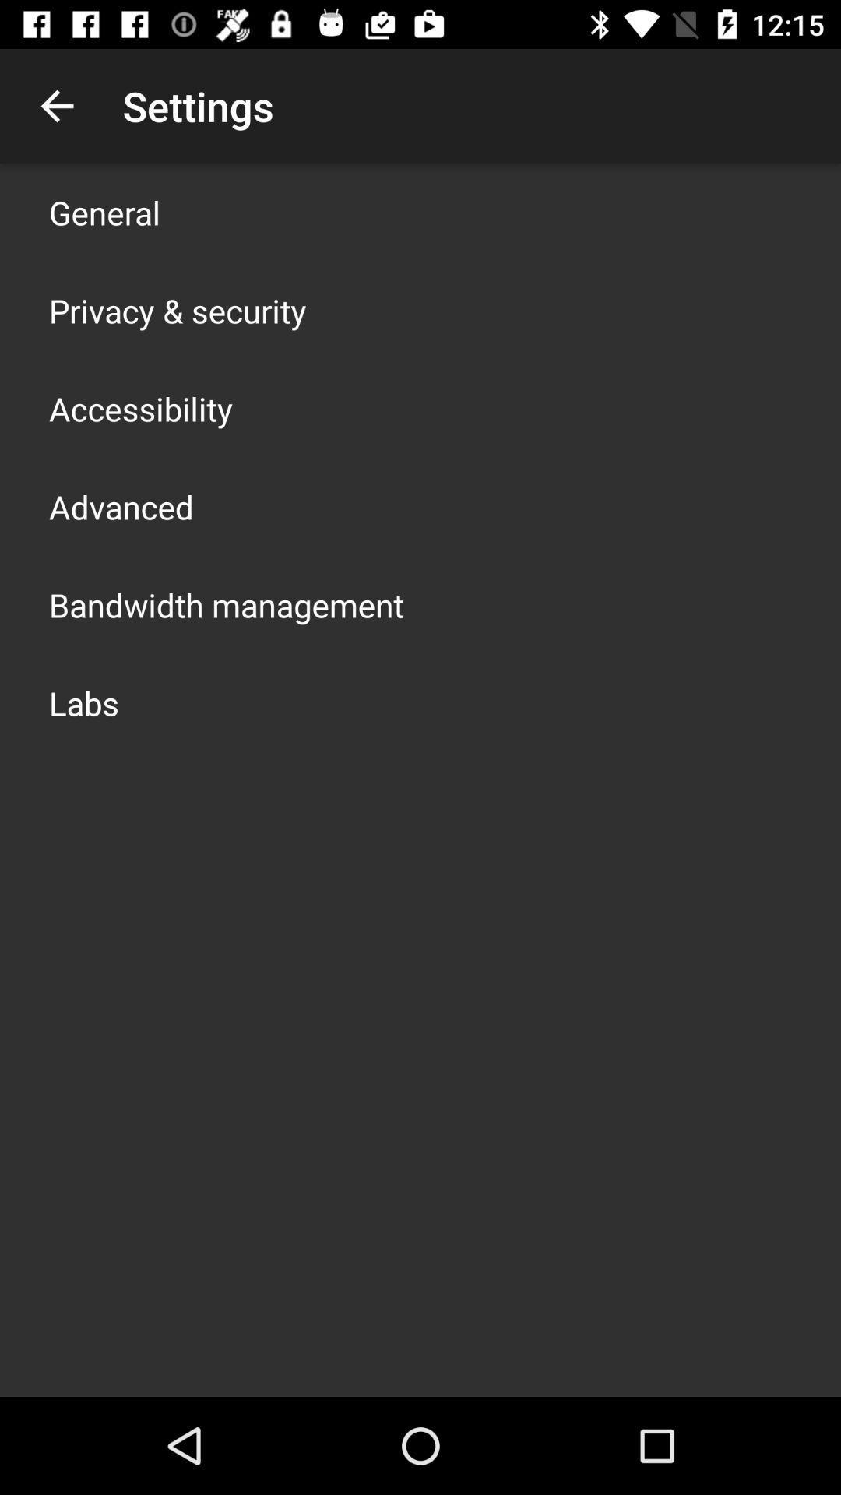 This screenshot has width=841, height=1495. I want to click on the item above the accessibility app, so click(177, 310).